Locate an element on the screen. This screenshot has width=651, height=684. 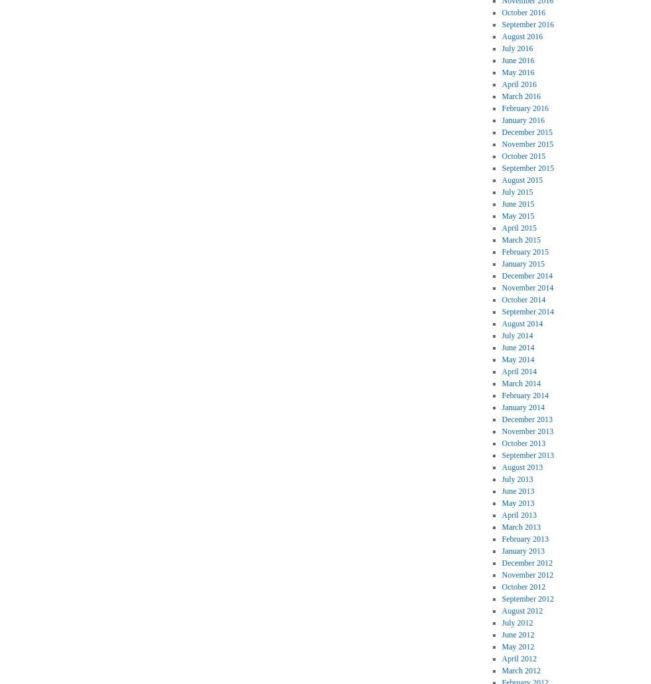
'April 2013' is located at coordinates (518, 515).